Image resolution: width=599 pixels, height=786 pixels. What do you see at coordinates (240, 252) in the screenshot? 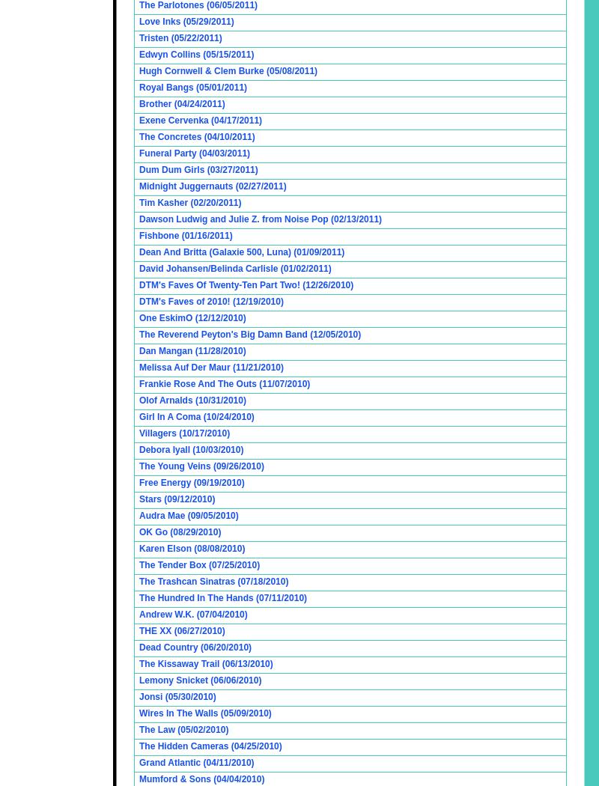
I see `'Dean And Britta (Galaxie 500, Luna) (01/09/2011)'` at bounding box center [240, 252].